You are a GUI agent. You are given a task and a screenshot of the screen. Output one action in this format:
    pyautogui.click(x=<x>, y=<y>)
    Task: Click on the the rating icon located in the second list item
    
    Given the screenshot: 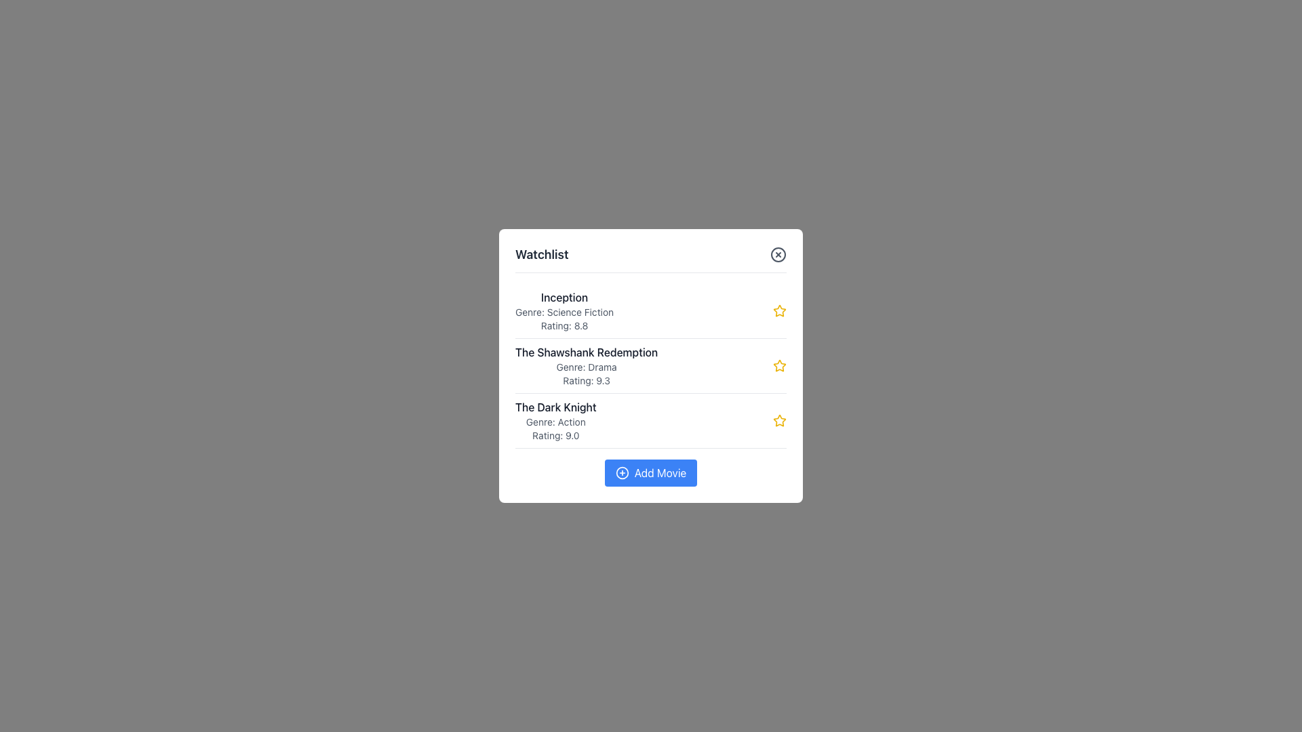 What is the action you would take?
    pyautogui.click(x=780, y=420)
    